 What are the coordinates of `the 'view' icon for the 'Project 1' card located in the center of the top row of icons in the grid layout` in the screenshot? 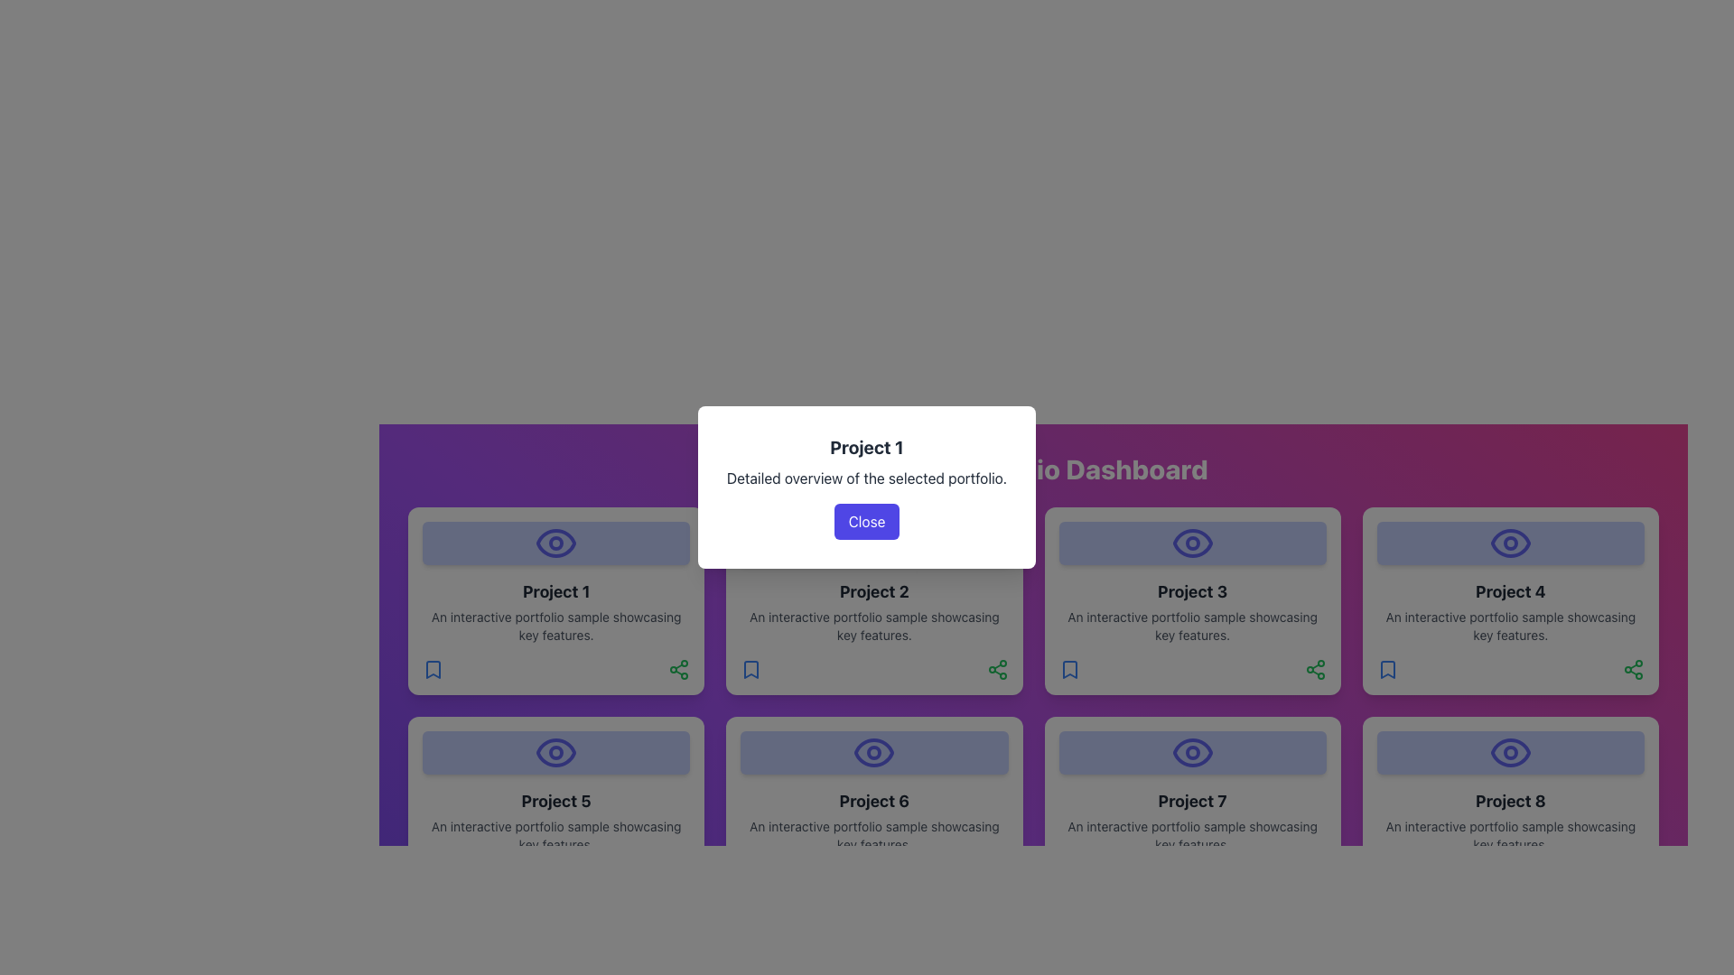 It's located at (555, 542).